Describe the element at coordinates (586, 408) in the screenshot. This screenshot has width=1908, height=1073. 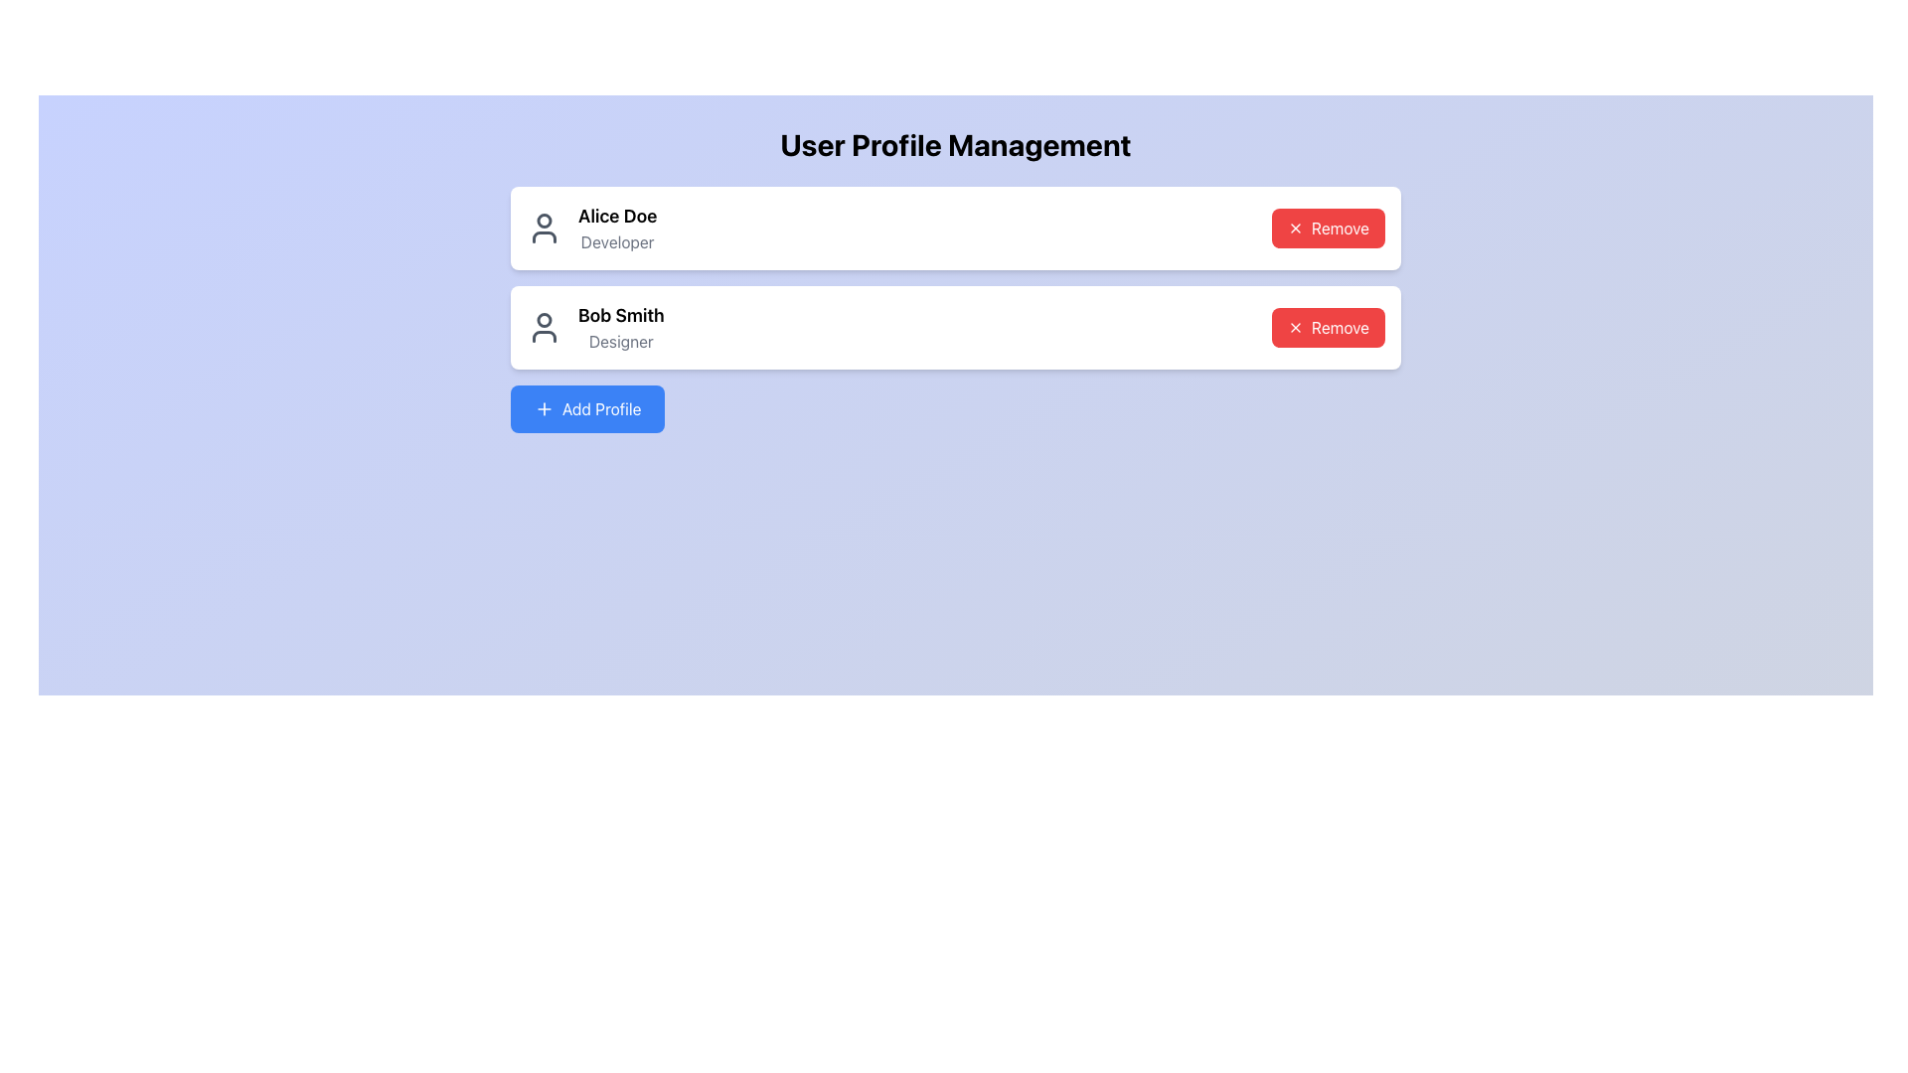
I see `the 'Add New Profile' button located below the two rectangular profile containers for keyboard interaction` at that location.